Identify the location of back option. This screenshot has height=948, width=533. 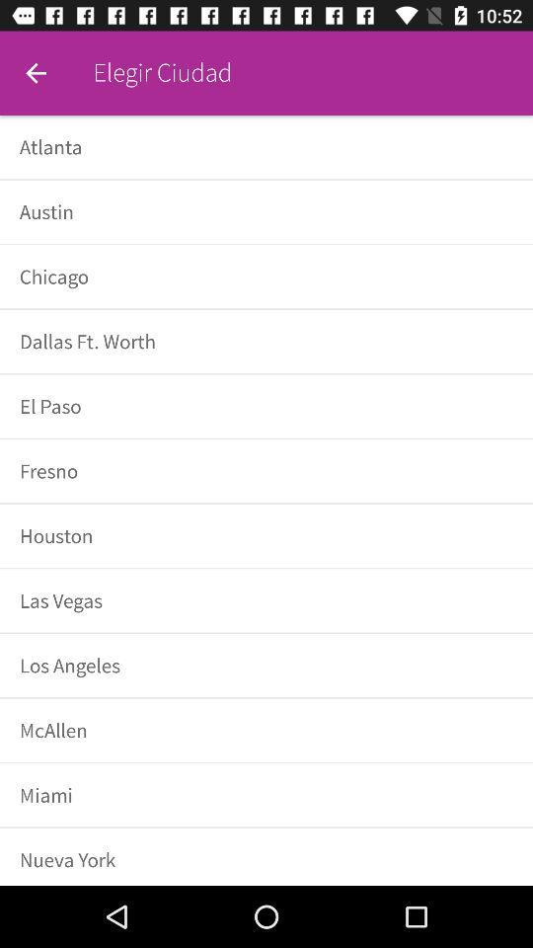
(36, 73).